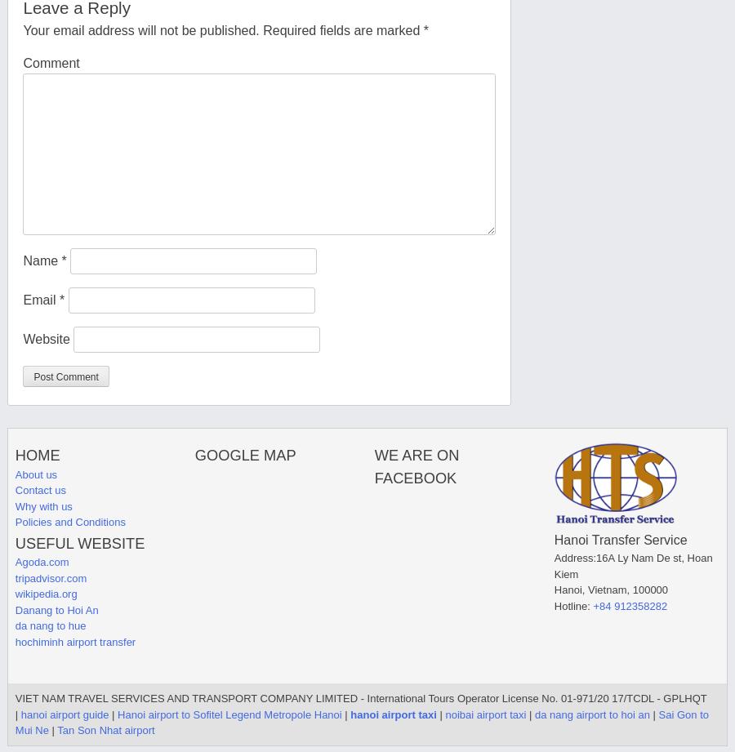 Image resolution: width=735 pixels, height=752 pixels. What do you see at coordinates (14, 721) in the screenshot?
I see `'Sai Gon to Mui Ne'` at bounding box center [14, 721].